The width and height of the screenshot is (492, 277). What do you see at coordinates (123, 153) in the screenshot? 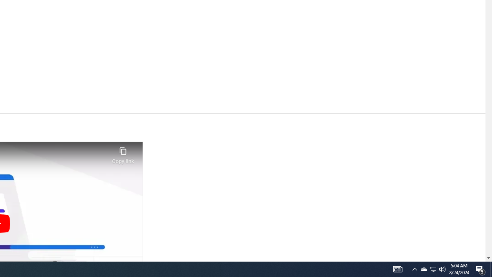
I see `'Copy link'` at bounding box center [123, 153].